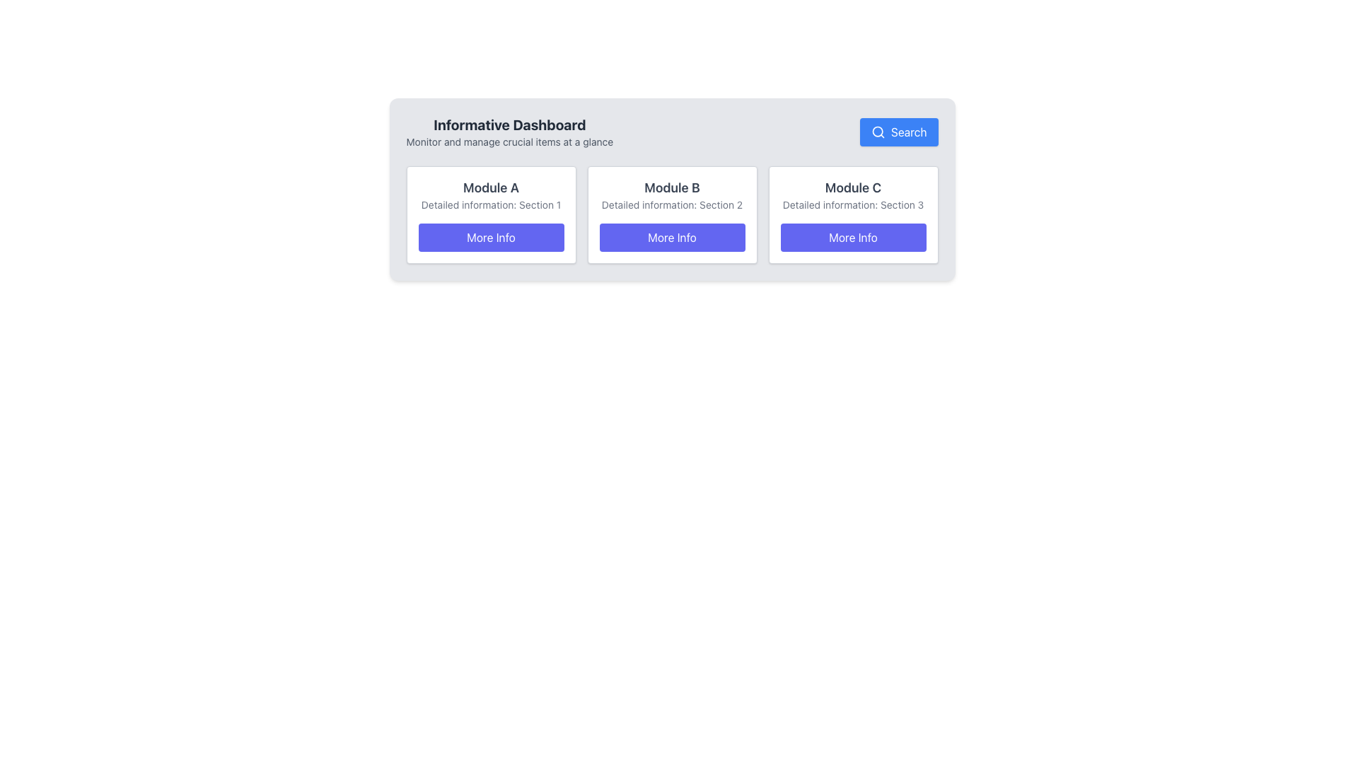 The height and width of the screenshot is (764, 1358). Describe the element at coordinates (852, 204) in the screenshot. I see `the static text label providing additional descriptive information about 'Module C', which is located below the title 'Module C' and above the 'More Info' button` at that location.